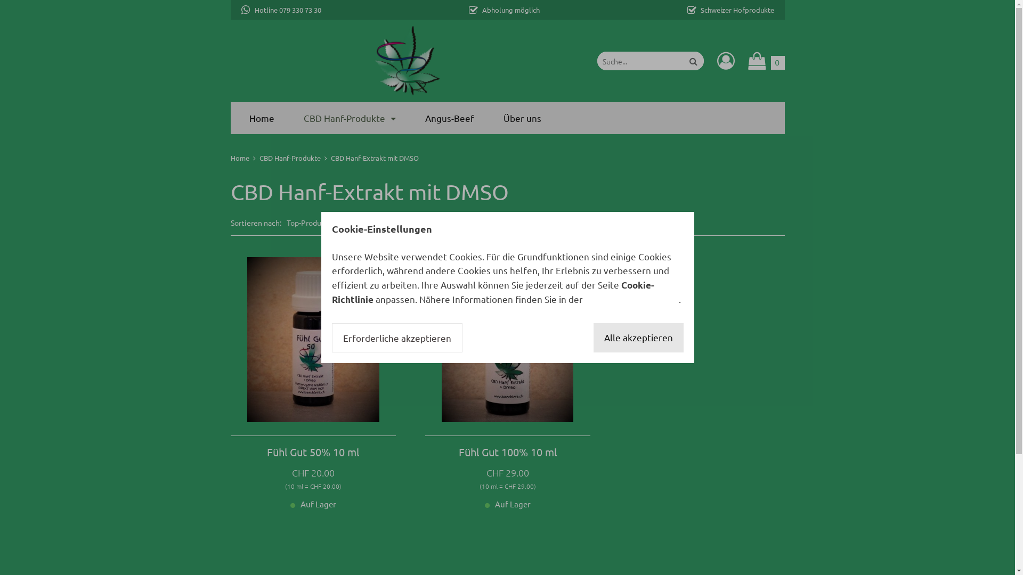  Describe the element at coordinates (450, 118) in the screenshot. I see `'Angus-Beef'` at that location.